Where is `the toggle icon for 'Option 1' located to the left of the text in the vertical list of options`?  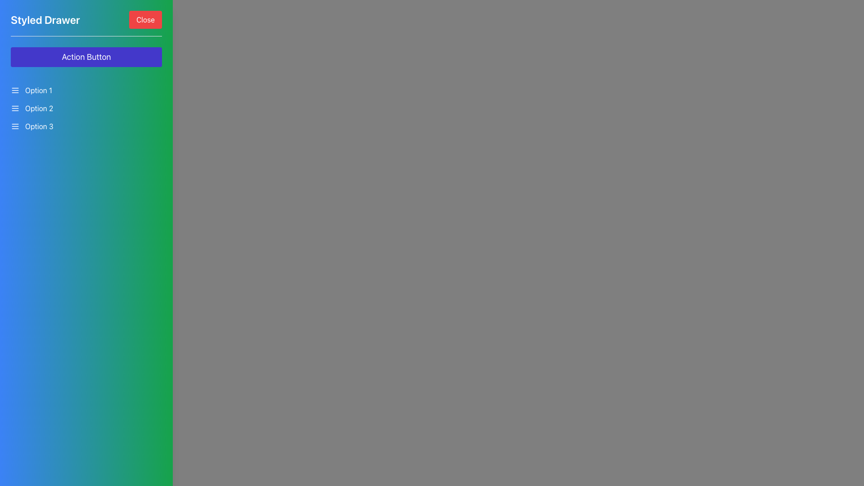 the toggle icon for 'Option 1' located to the left of the text in the vertical list of options is located at coordinates (15, 90).